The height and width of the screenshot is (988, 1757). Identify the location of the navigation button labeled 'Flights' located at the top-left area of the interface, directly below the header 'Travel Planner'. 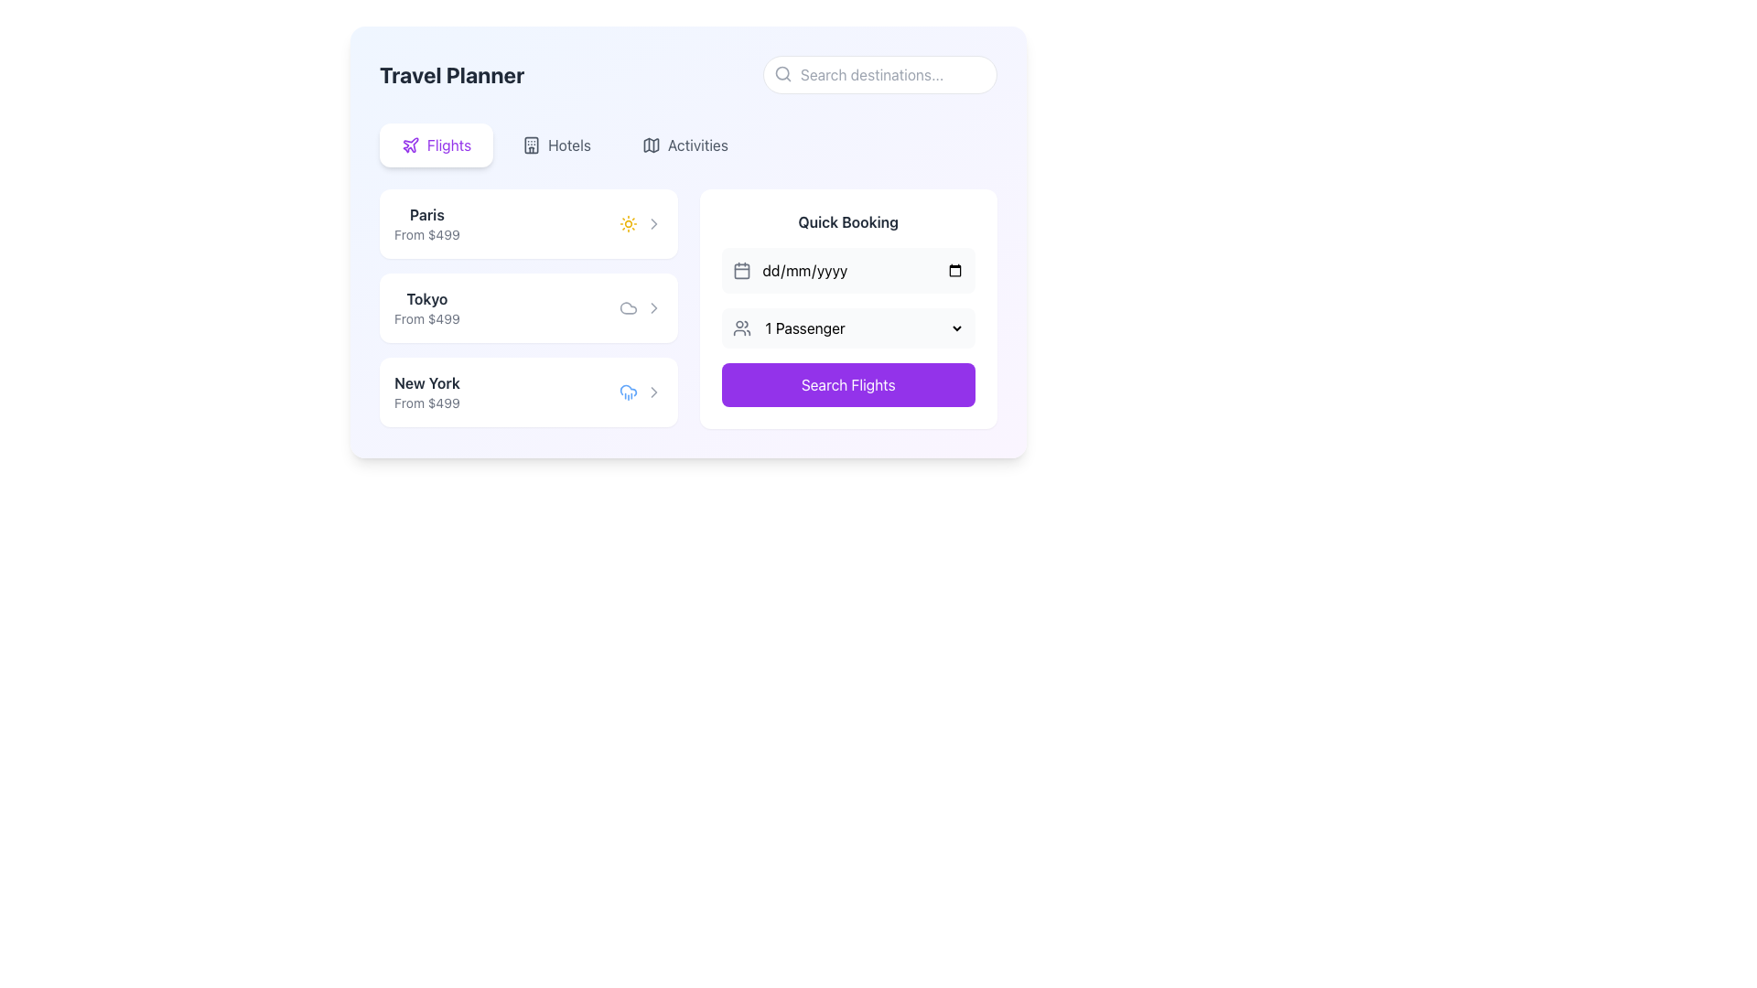
(436, 144).